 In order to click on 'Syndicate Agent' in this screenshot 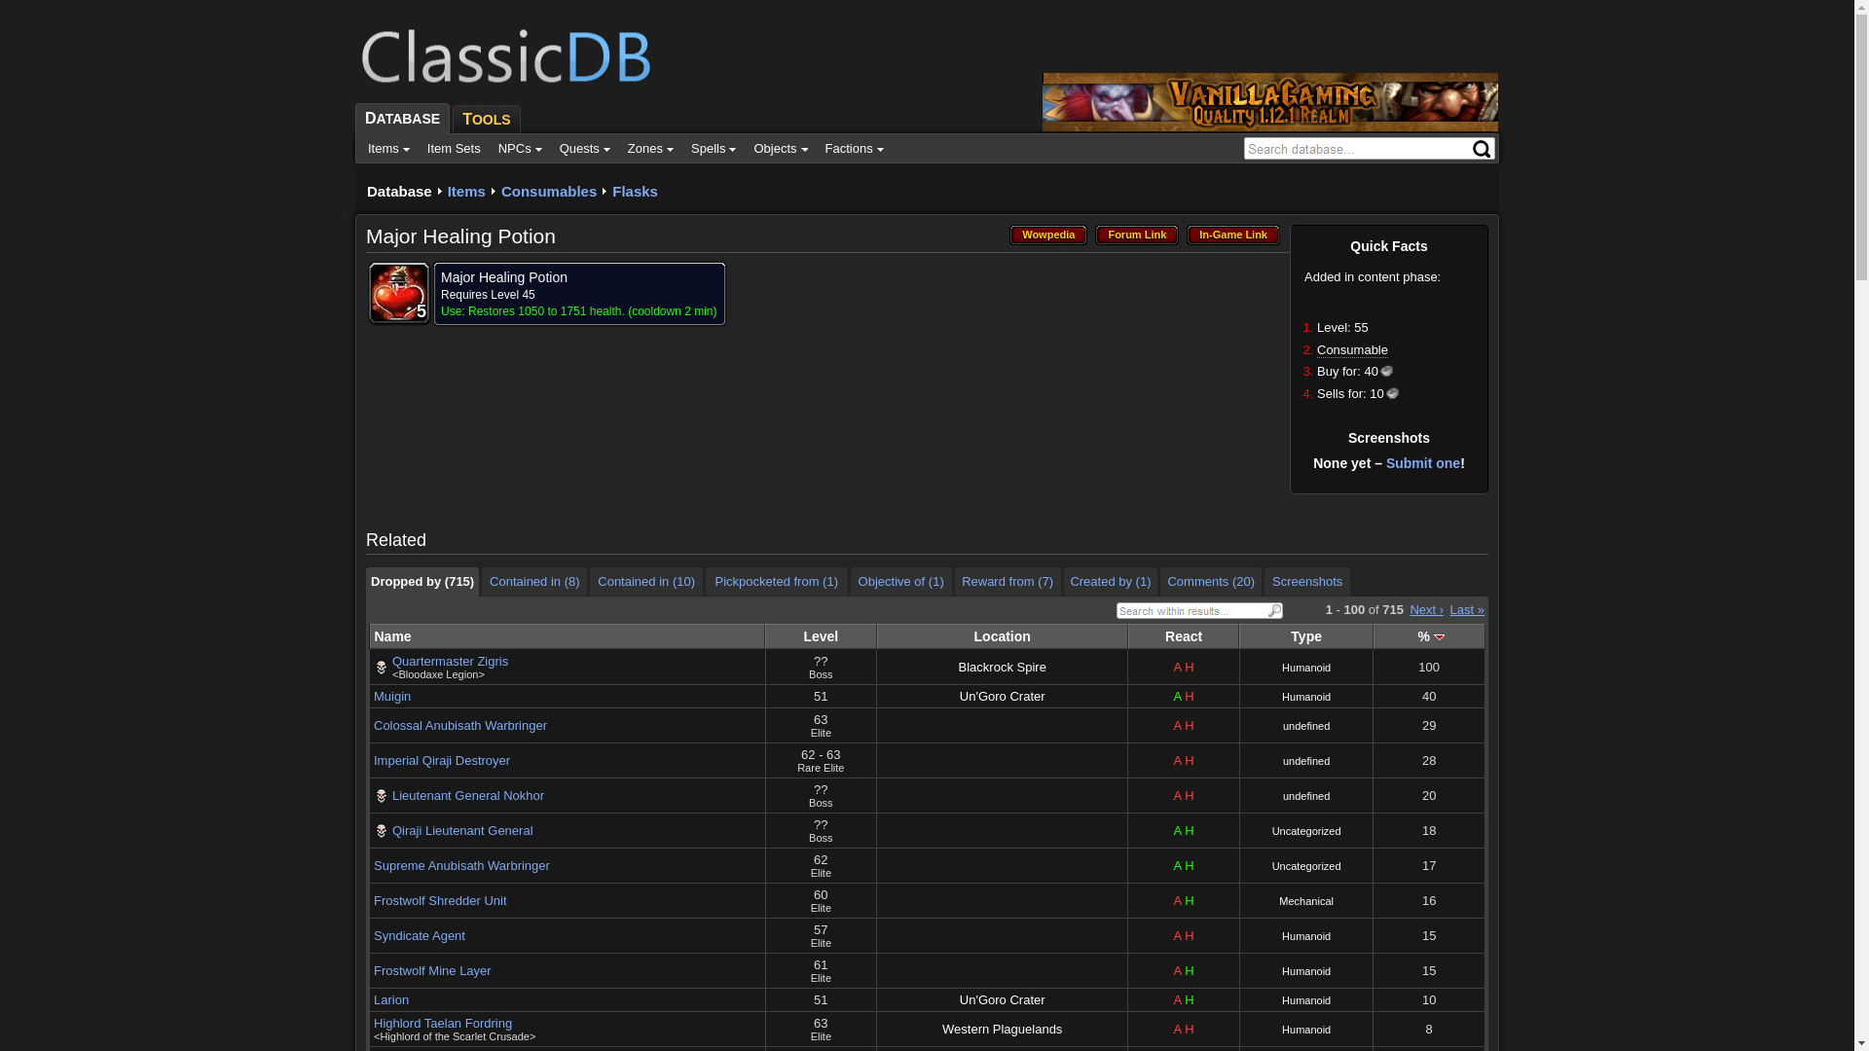, I will do `click(374, 934)`.